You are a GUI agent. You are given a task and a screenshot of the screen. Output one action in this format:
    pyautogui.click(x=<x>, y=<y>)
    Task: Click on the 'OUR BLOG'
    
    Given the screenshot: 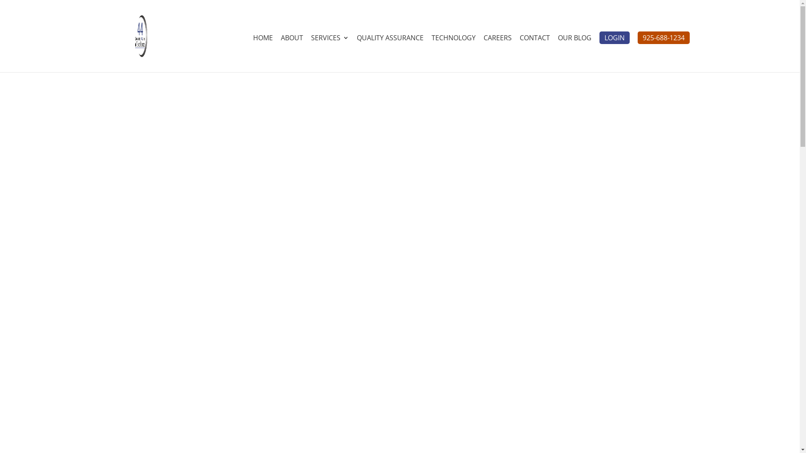 What is the action you would take?
    pyautogui.click(x=574, y=53)
    